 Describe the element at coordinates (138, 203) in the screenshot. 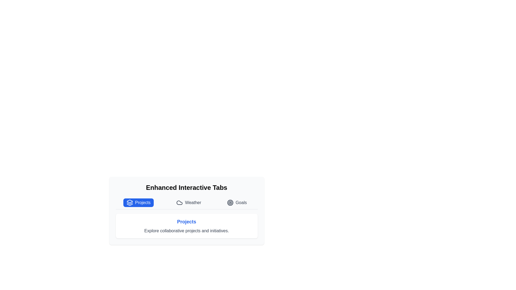

I see `the Projects tab to activate it` at that location.